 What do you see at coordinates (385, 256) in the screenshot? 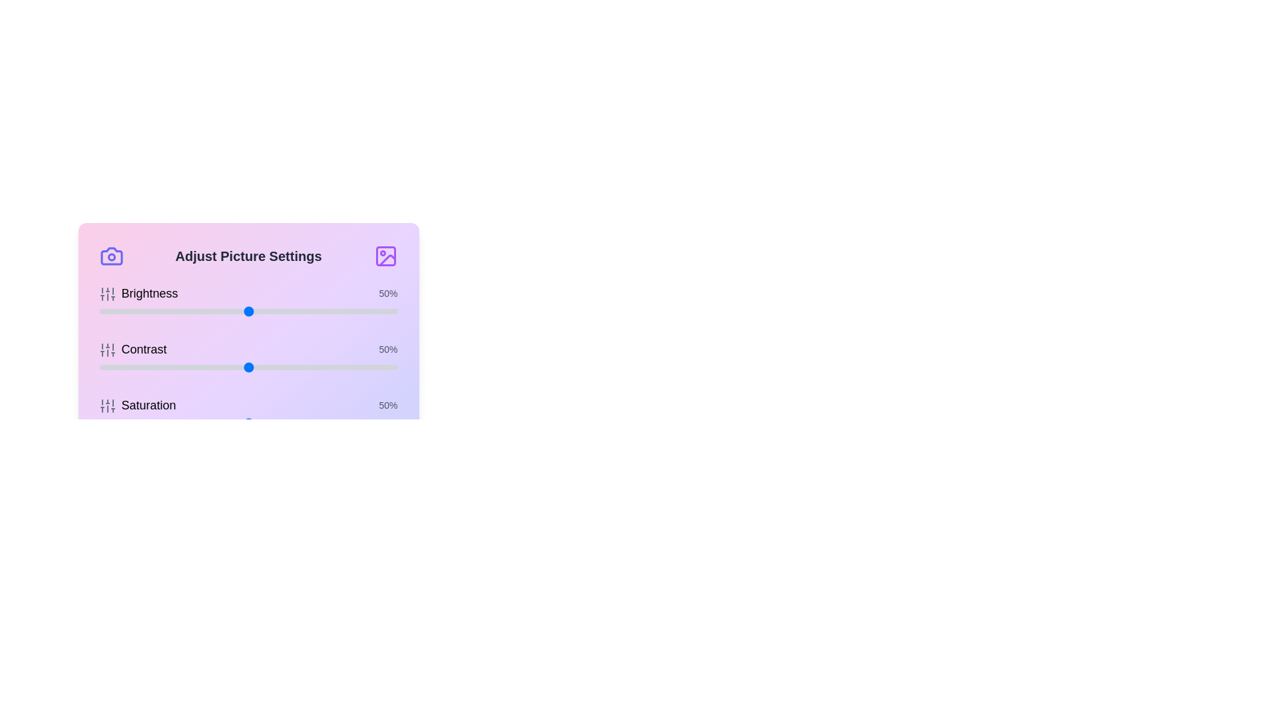
I see `the header icon image` at bounding box center [385, 256].